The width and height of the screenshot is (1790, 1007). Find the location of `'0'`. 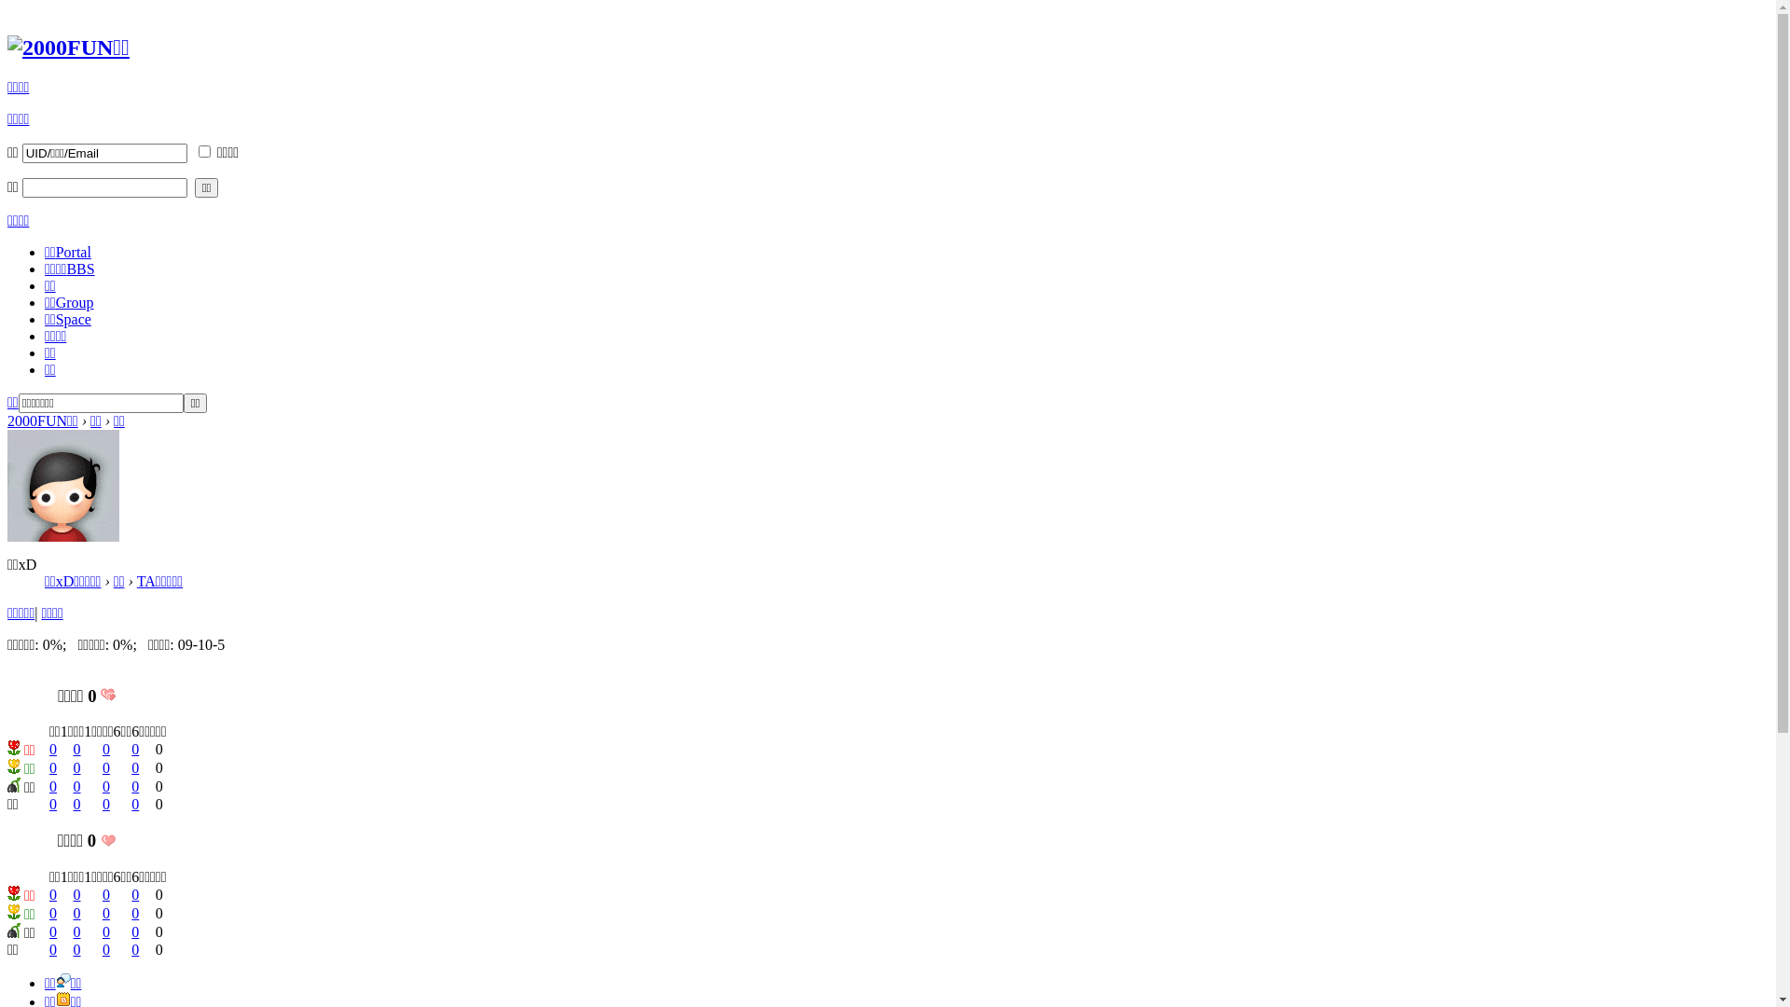

'0' is located at coordinates (76, 949).